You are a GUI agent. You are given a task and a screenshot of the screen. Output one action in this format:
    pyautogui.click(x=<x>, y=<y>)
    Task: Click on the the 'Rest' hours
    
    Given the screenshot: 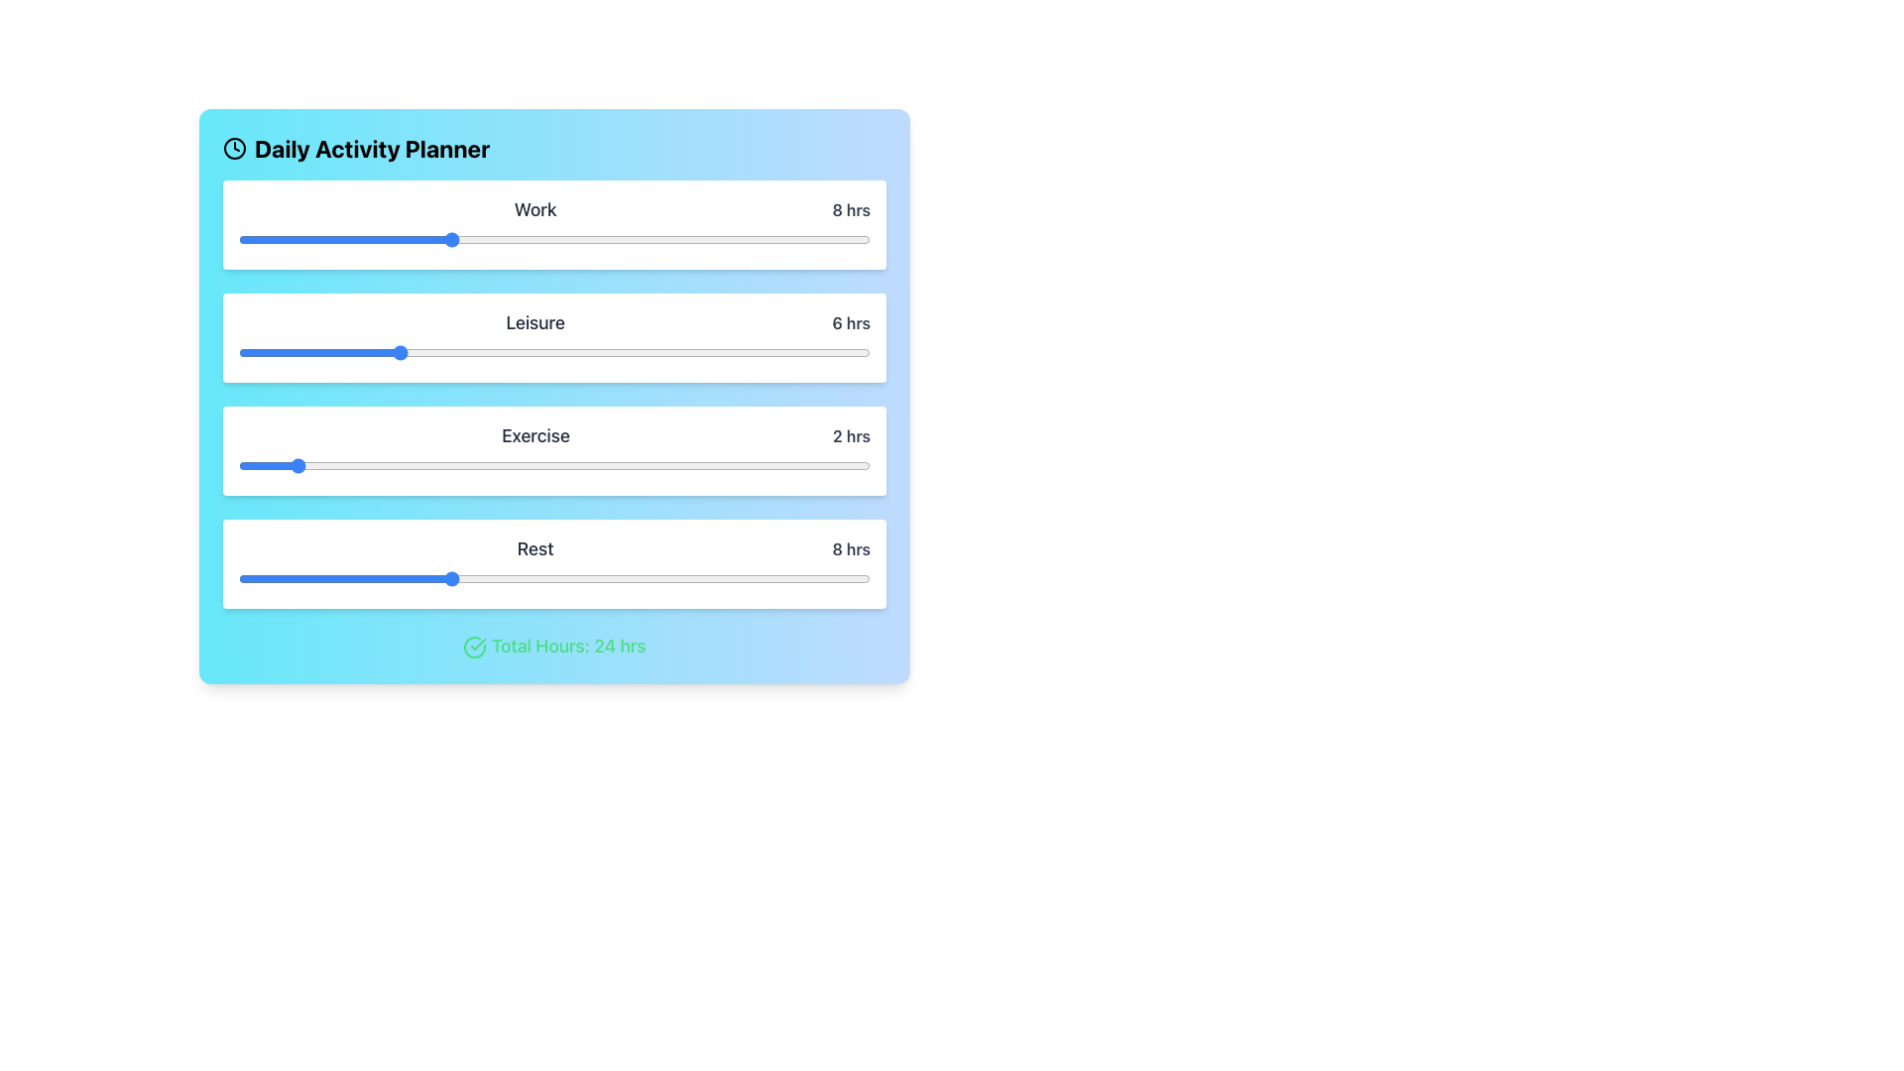 What is the action you would take?
    pyautogui.click(x=659, y=578)
    